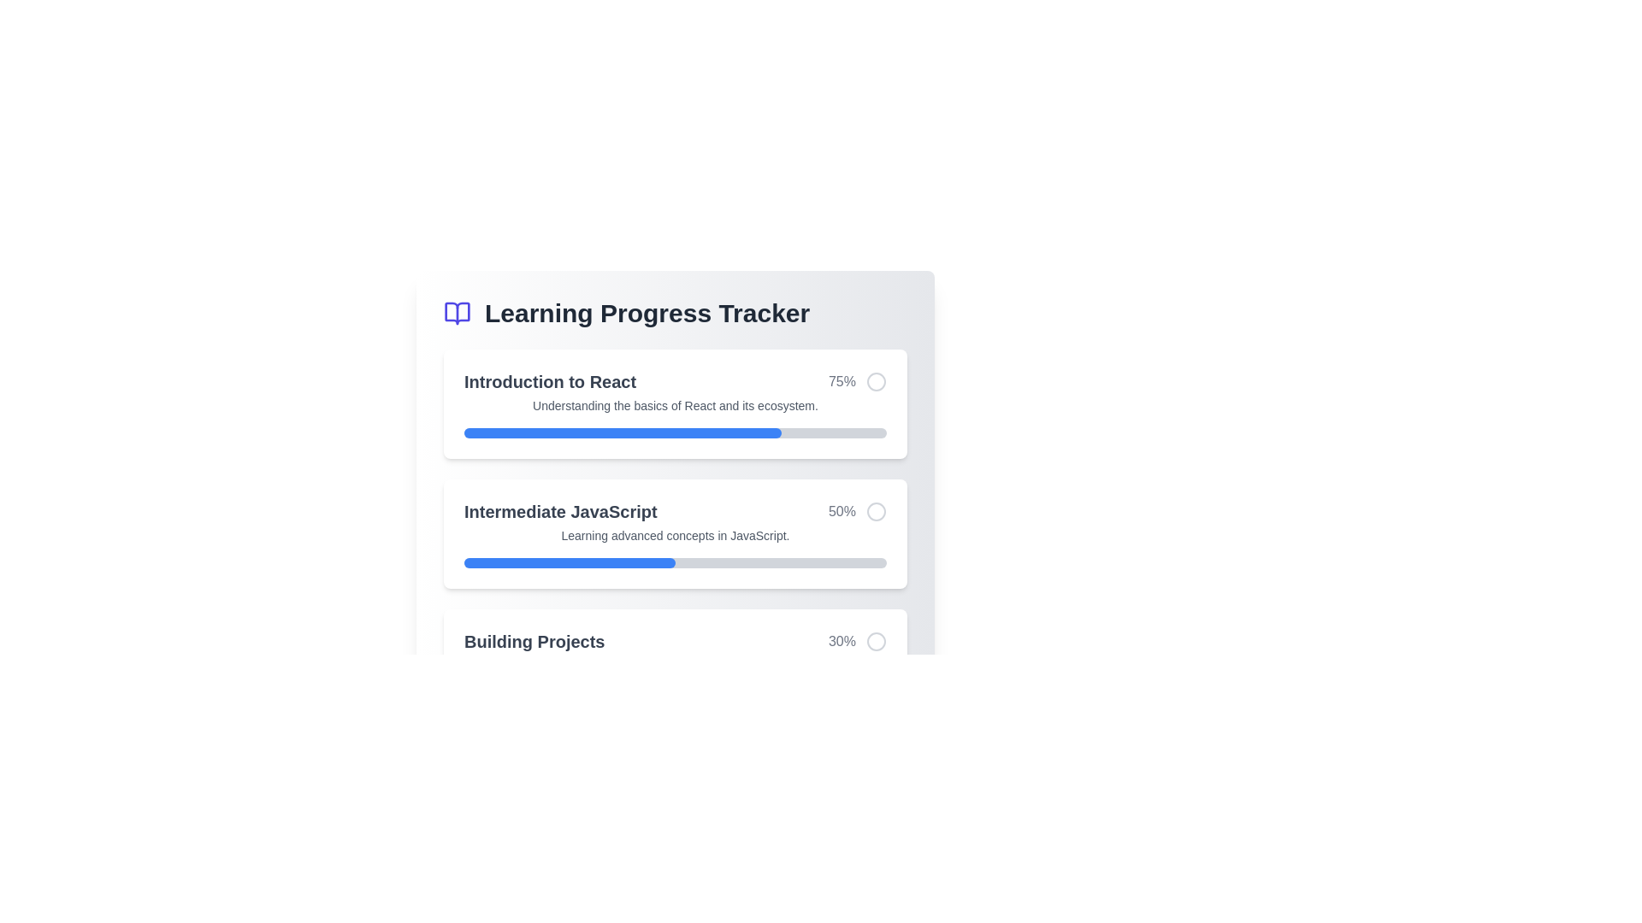 Image resolution: width=1642 pixels, height=923 pixels. What do you see at coordinates (527, 692) in the screenshot?
I see `the leftmost 30% of the 'Building Projects' progress bar in the 'Learning Progress Tracker' section to indicate the progress of the activity` at bounding box center [527, 692].